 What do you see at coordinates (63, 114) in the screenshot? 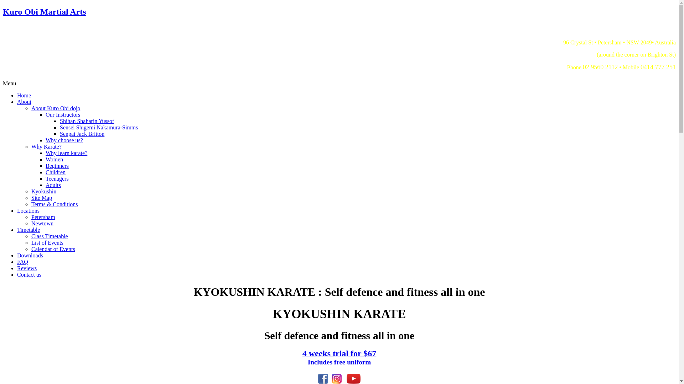
I see `'Our Instructors'` at bounding box center [63, 114].